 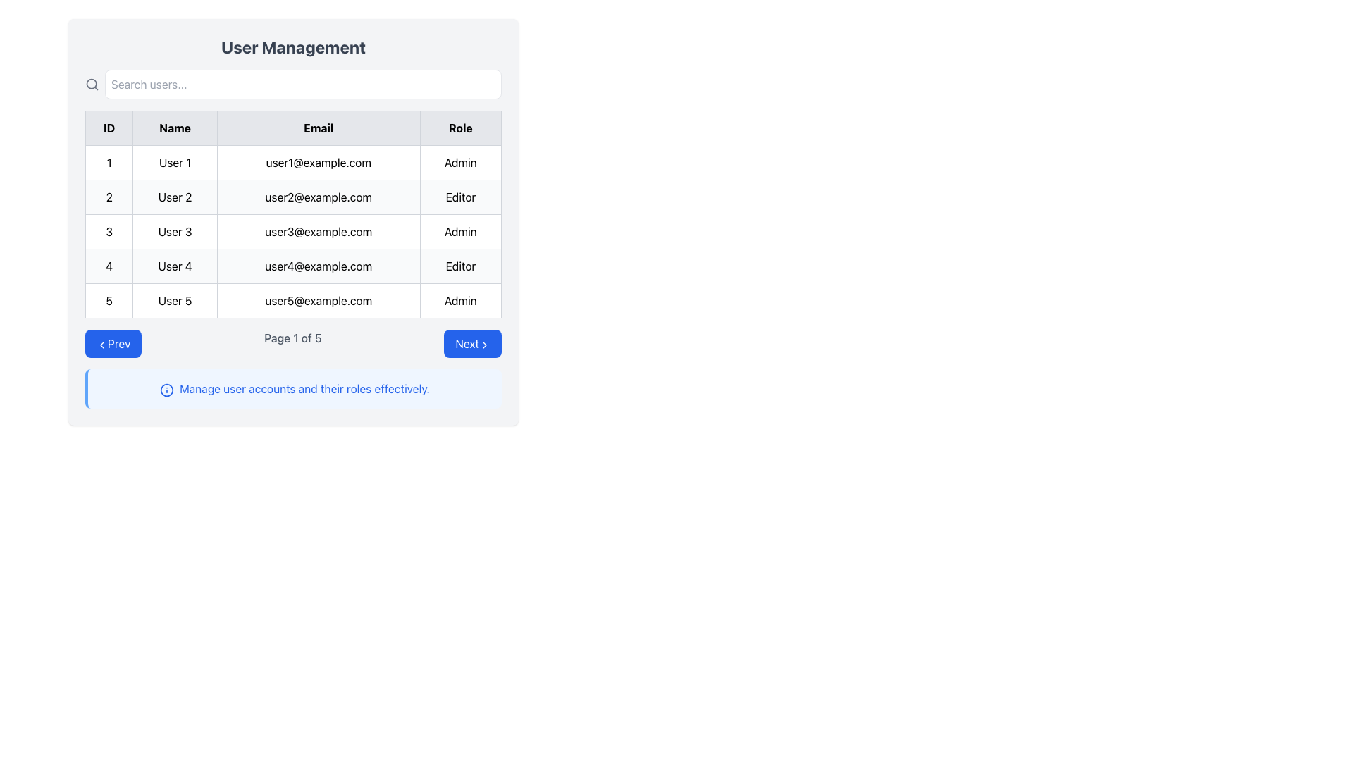 I want to click on the enclosing button labeled 'Next' that houses the chevron-shaped icon, so click(x=484, y=345).